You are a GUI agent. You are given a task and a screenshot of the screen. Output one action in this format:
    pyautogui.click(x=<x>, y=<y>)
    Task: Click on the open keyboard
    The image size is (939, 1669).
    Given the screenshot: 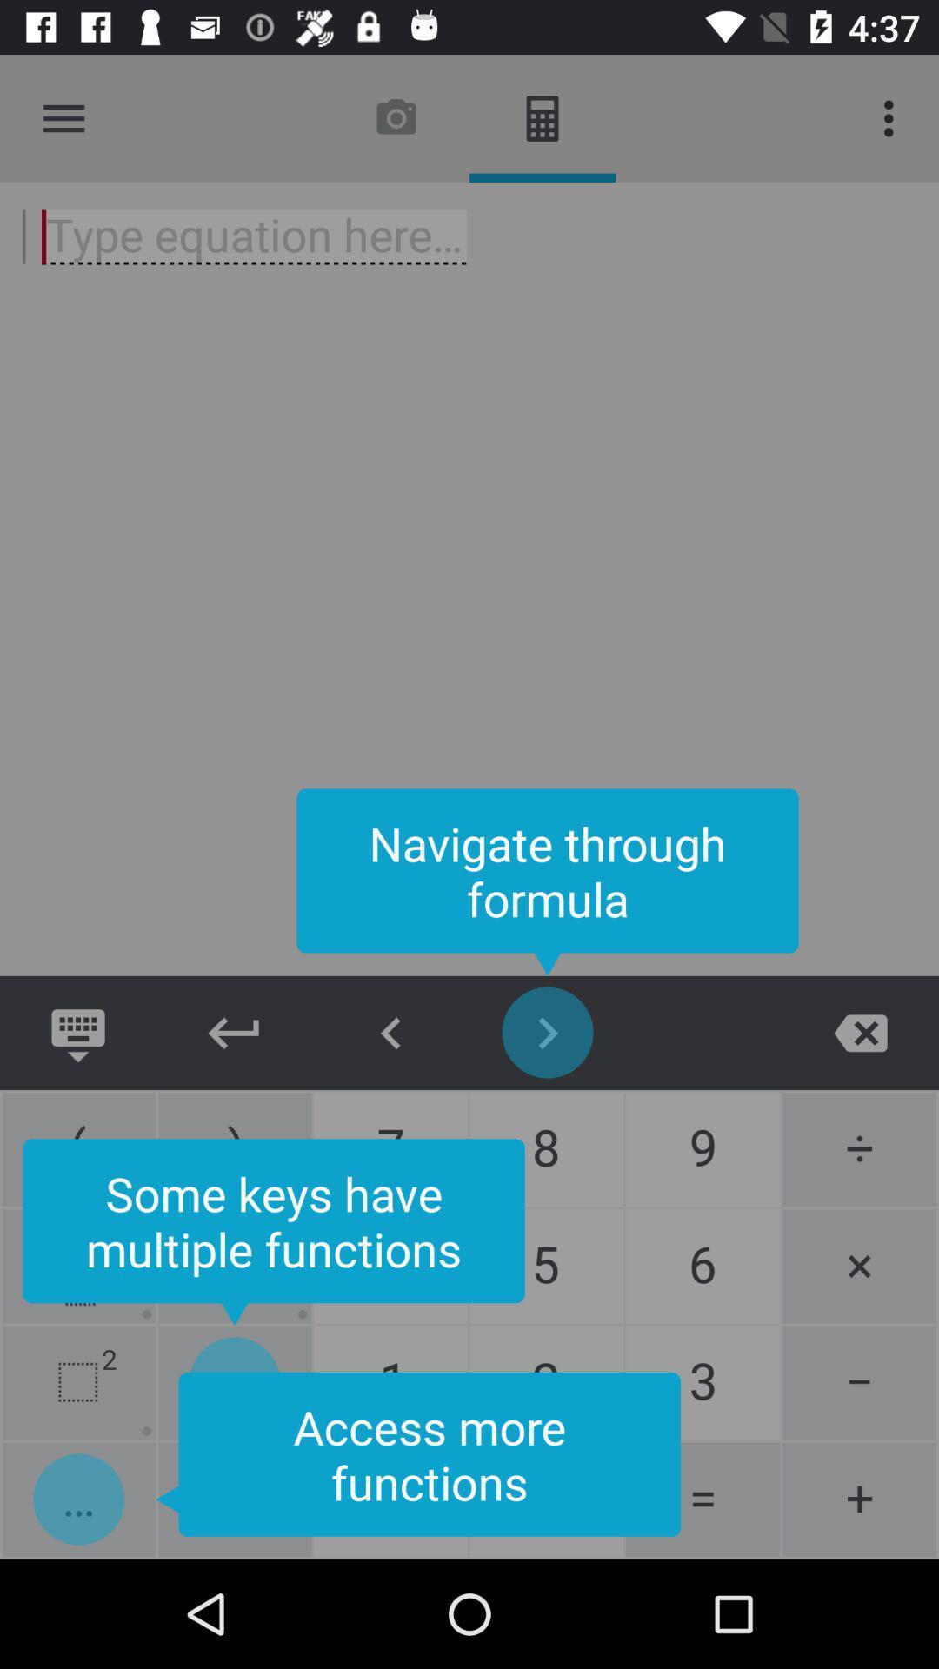 What is the action you would take?
    pyautogui.click(x=77, y=1033)
    